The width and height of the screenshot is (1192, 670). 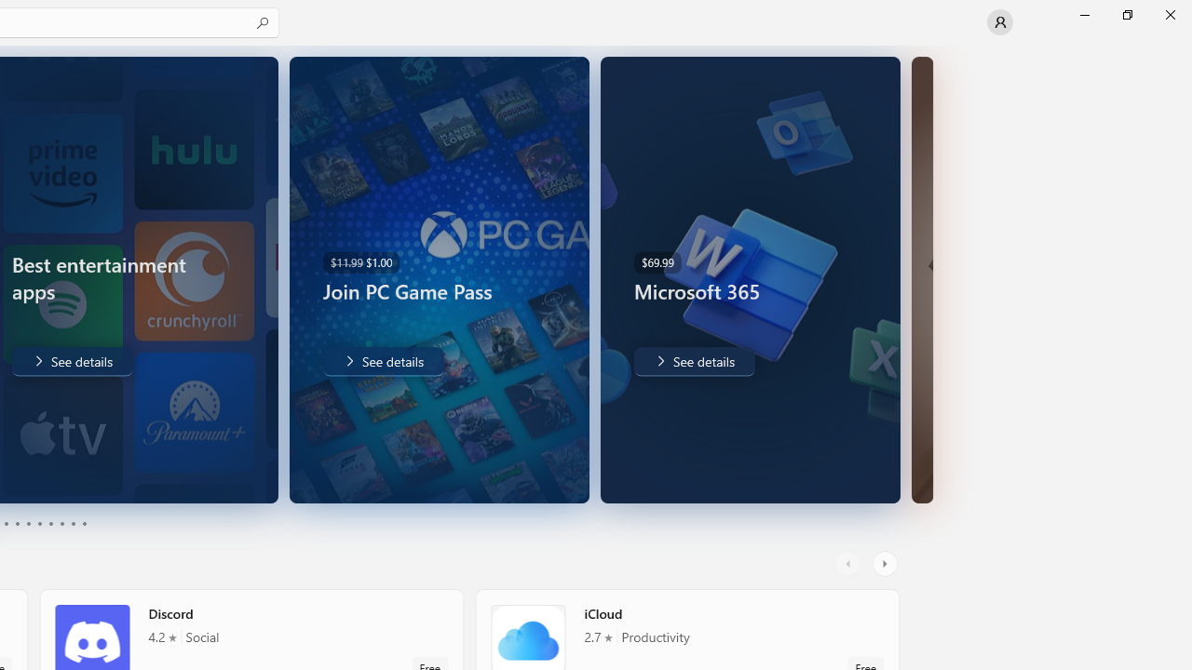 I want to click on 'Restore Microsoft Store', so click(x=1126, y=14).